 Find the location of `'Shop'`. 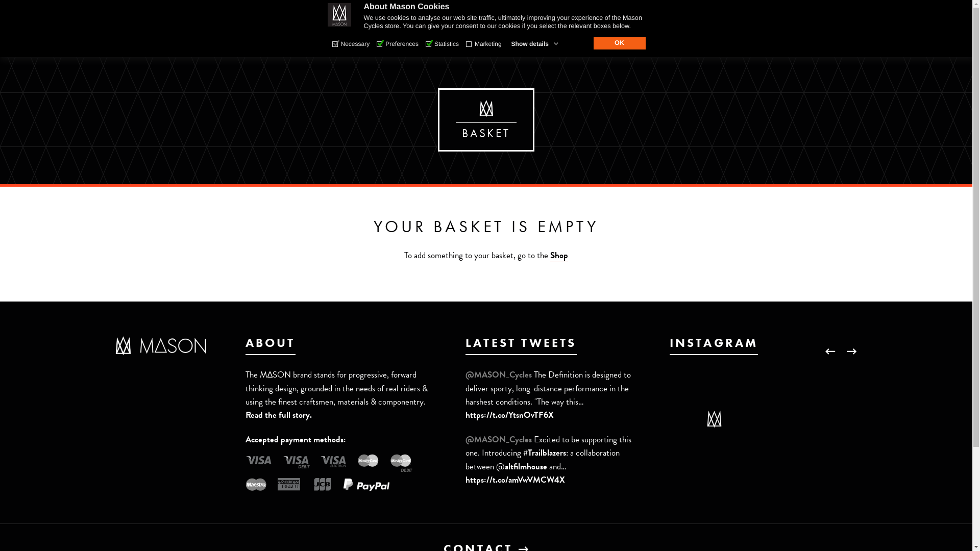

'Shop' is located at coordinates (558, 255).